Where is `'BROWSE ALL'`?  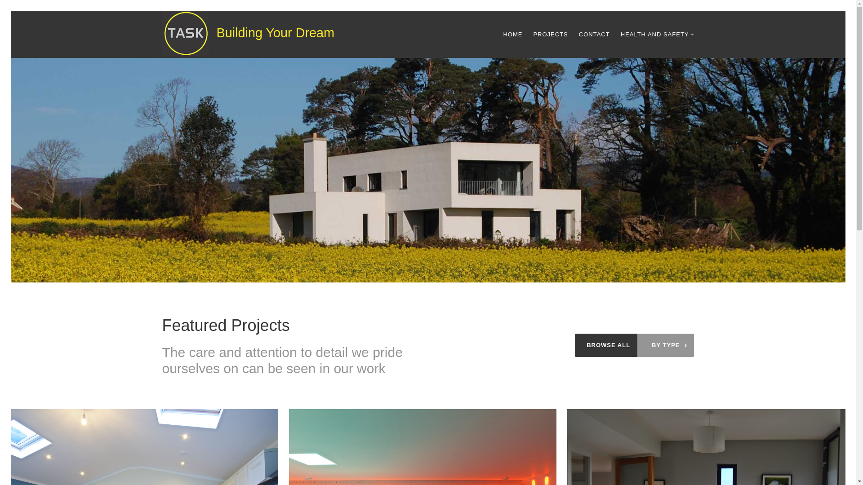 'BROWSE ALL' is located at coordinates (608, 344).